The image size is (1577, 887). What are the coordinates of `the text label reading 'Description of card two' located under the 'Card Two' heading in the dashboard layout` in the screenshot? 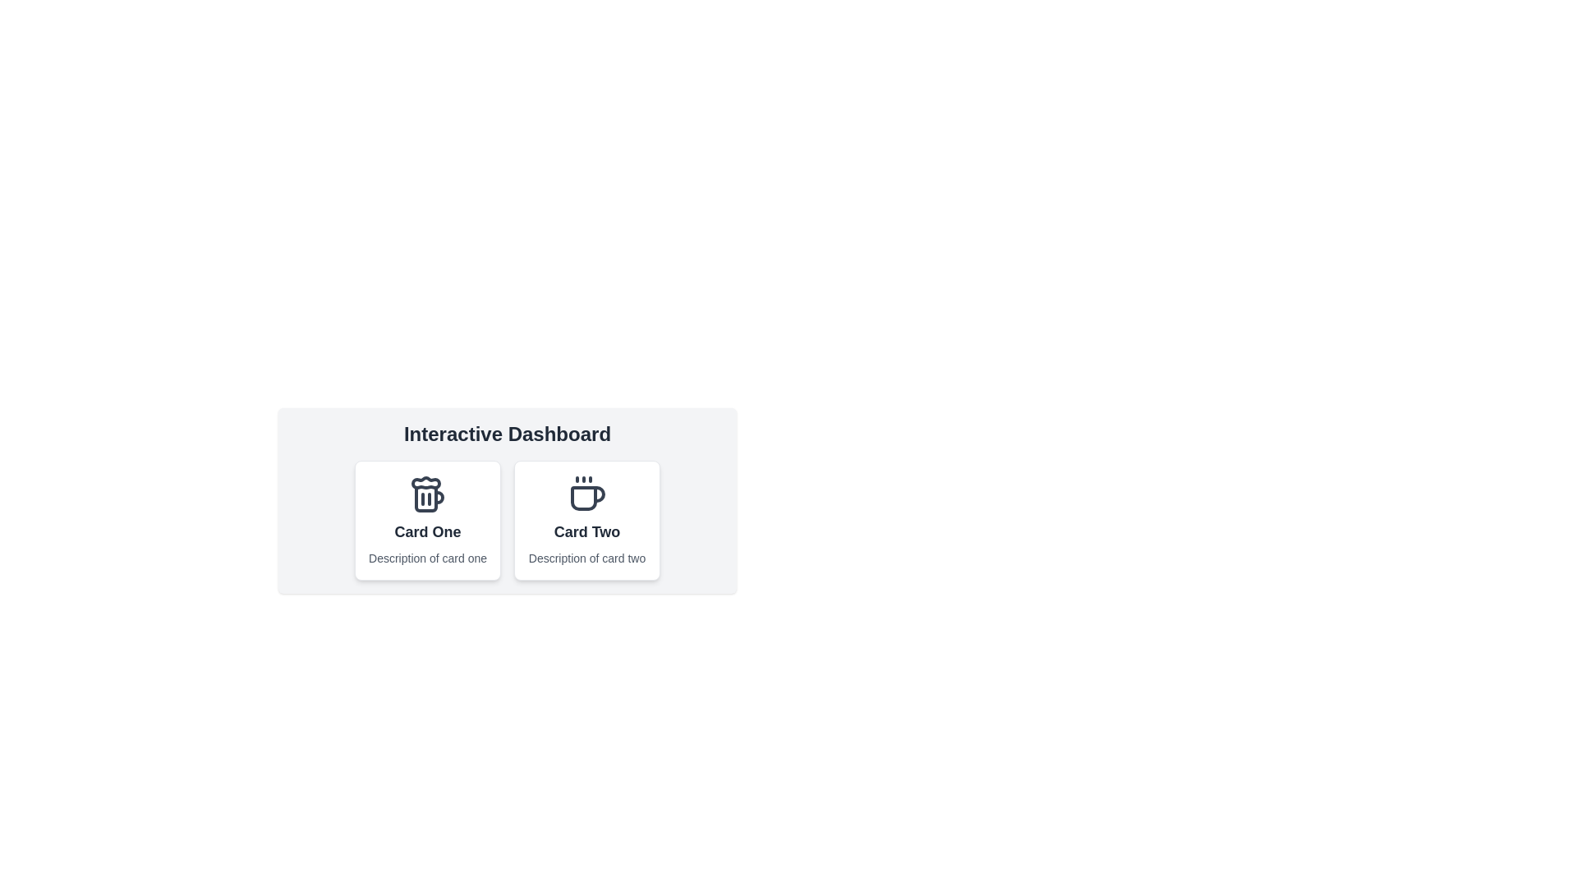 It's located at (587, 557).